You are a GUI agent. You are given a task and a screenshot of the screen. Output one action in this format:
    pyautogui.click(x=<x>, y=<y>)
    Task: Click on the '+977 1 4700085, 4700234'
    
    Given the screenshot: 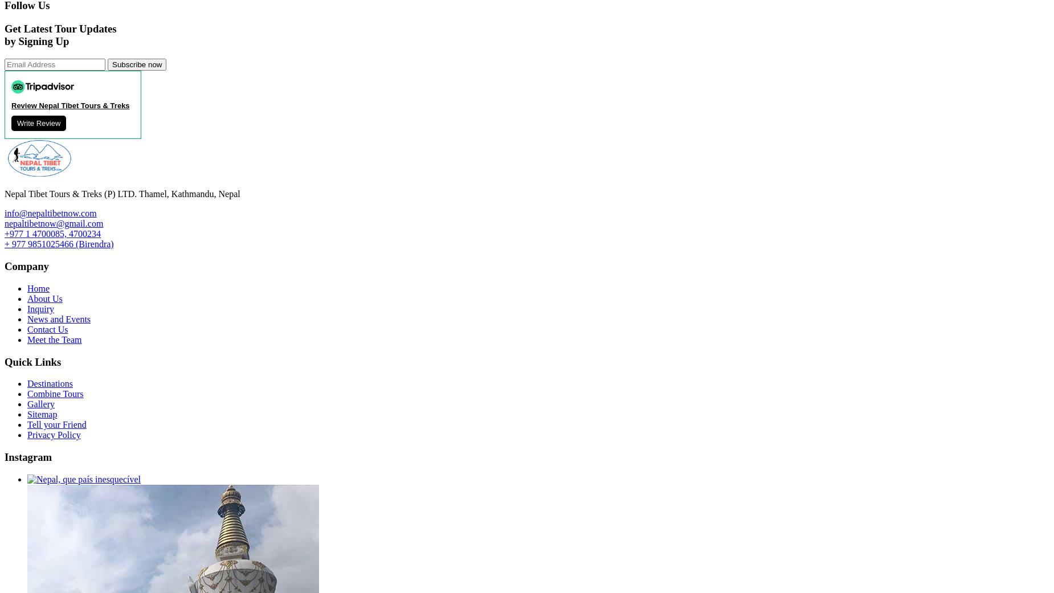 What is the action you would take?
    pyautogui.click(x=52, y=234)
    